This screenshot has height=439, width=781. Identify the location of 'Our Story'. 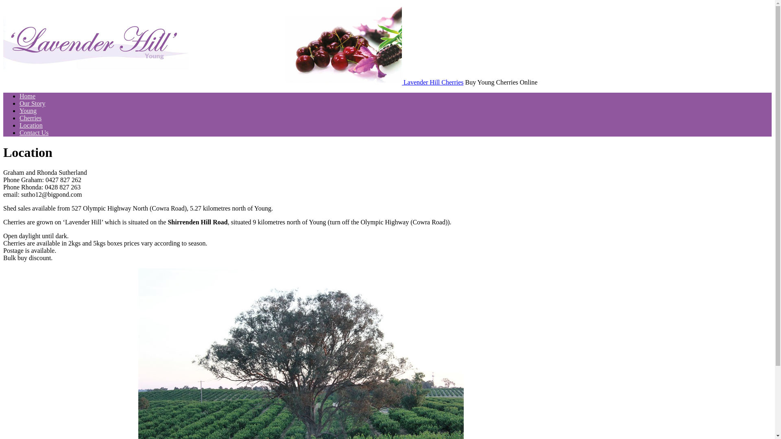
(33, 103).